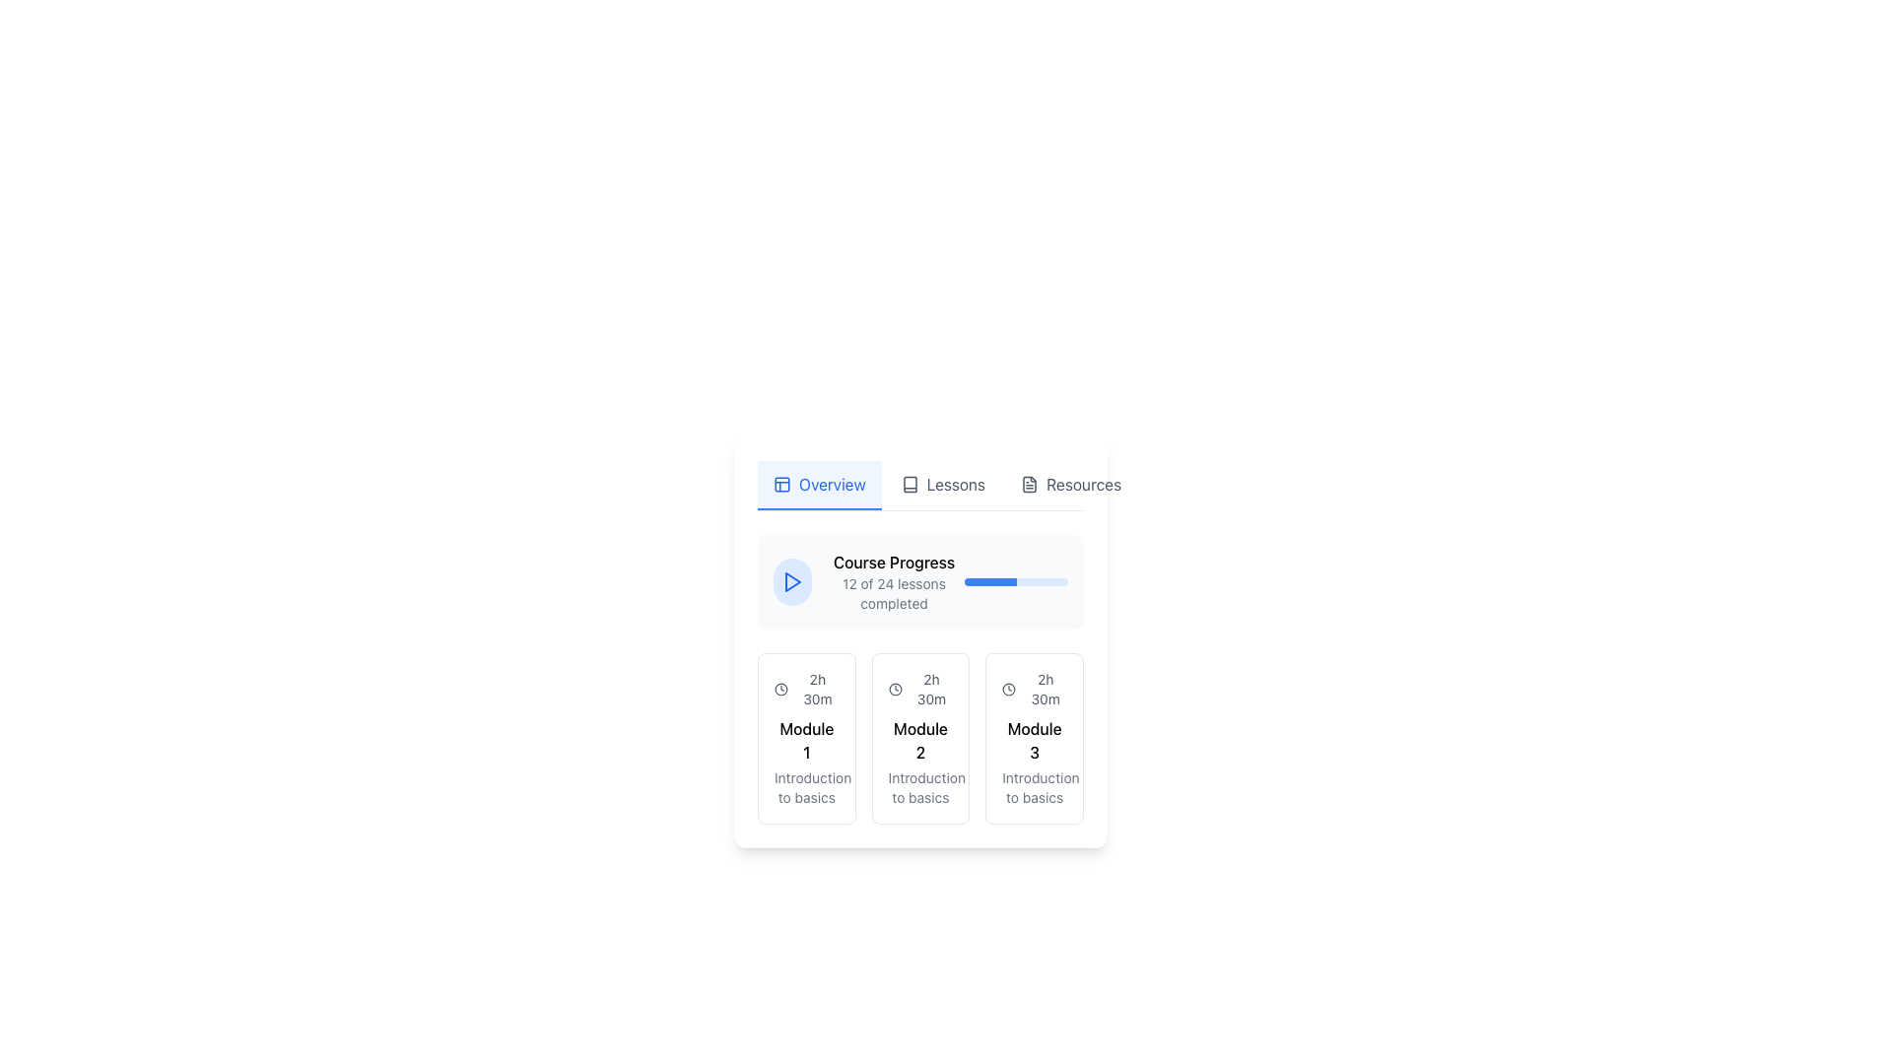 The height and width of the screenshot is (1064, 1892). What do you see at coordinates (919, 738) in the screenshot?
I see `the 'Module 2' information card, which provides details about the course module, including its duration and description, located in the second position of a horizontal layout of three cards` at bounding box center [919, 738].